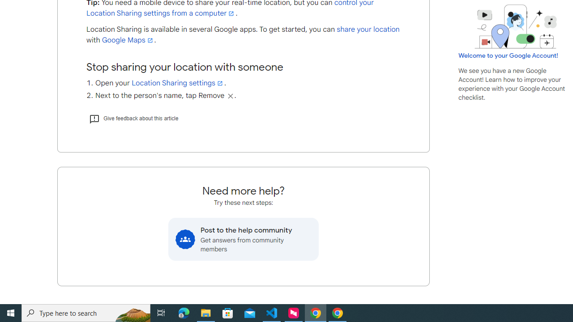 The height and width of the screenshot is (322, 573). What do you see at coordinates (178, 83) in the screenshot?
I see `'Location Sharing settings'` at bounding box center [178, 83].